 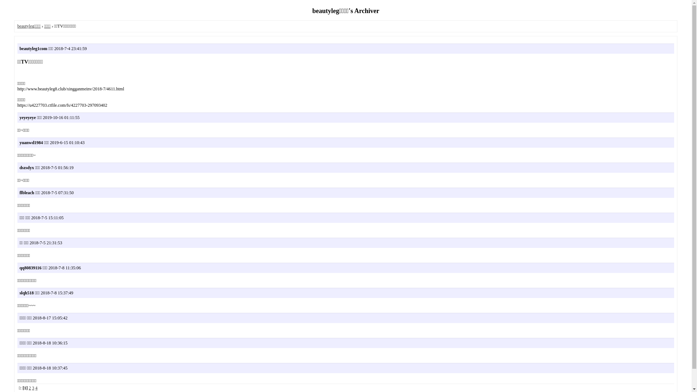 What do you see at coordinates (33, 387) in the screenshot?
I see `'3'` at bounding box center [33, 387].